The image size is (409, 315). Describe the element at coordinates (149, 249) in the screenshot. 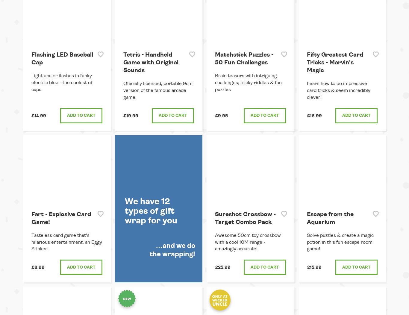

I see `'…and we do the wrapping!'` at that location.